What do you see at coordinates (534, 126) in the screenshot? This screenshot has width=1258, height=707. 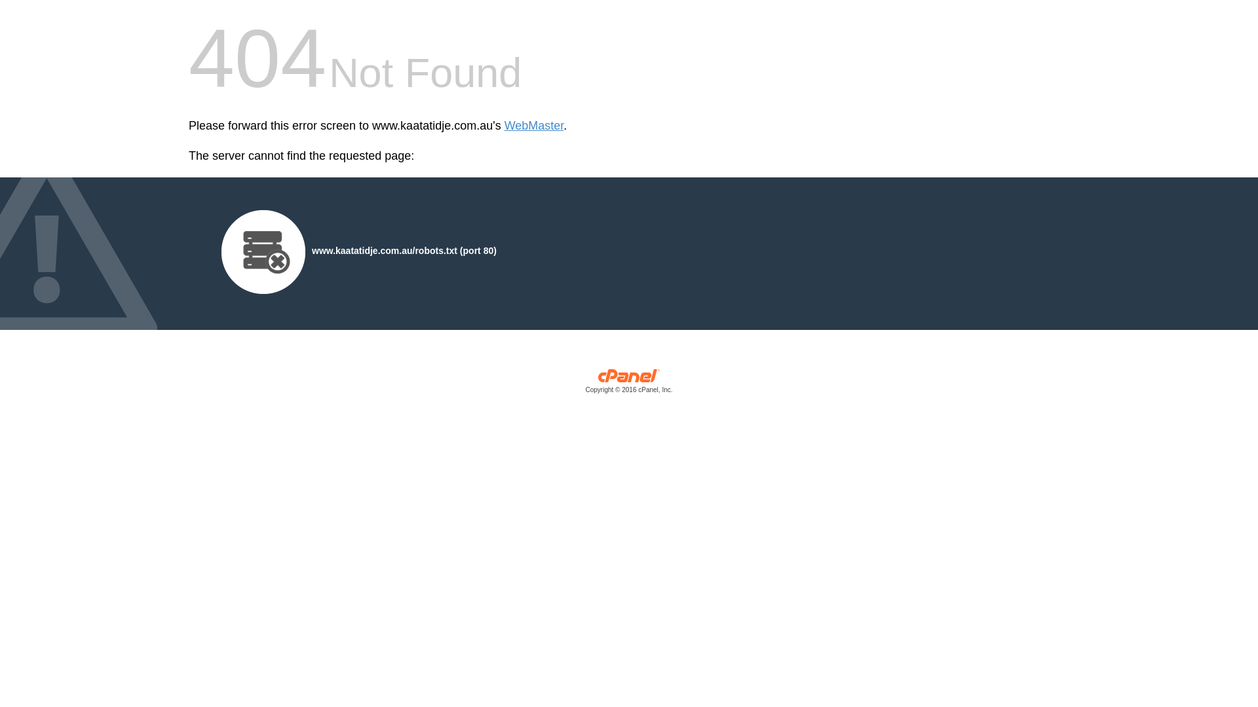 I see `'WebMaster'` at bounding box center [534, 126].